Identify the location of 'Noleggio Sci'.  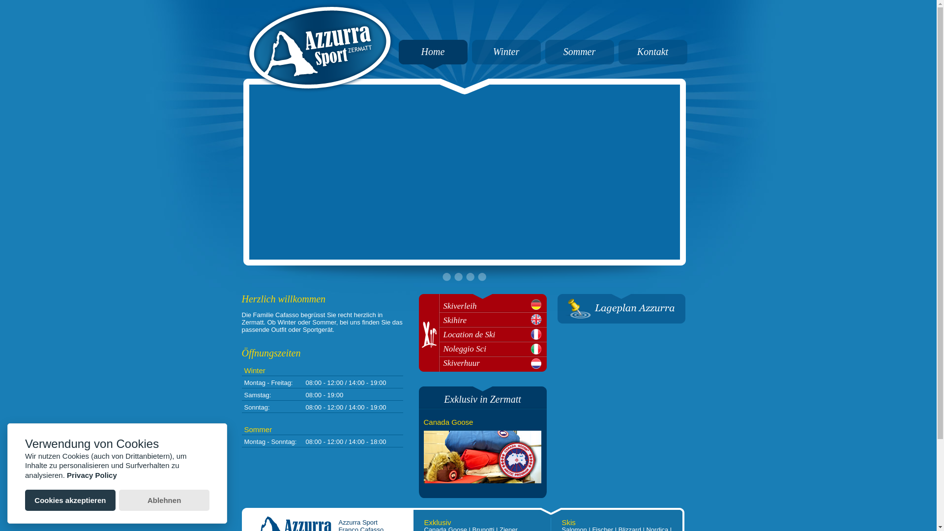
(495, 348).